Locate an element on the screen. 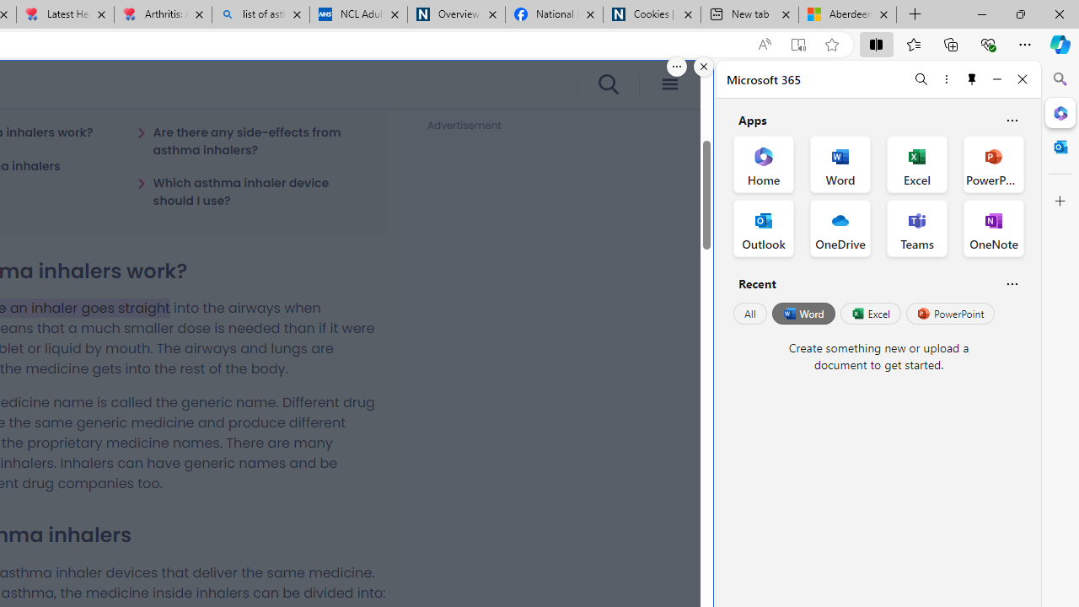 This screenshot has width=1079, height=607. 'Teams Office App' is located at coordinates (916, 228).